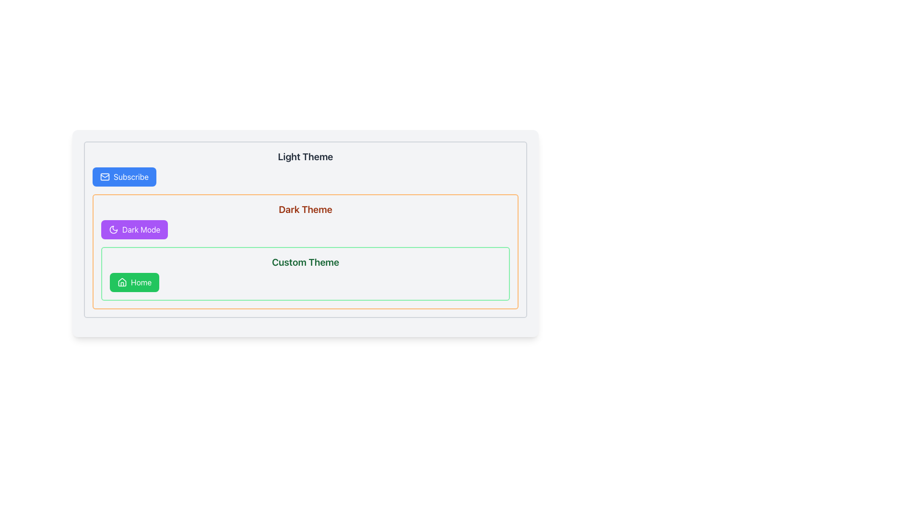  What do you see at coordinates (134, 282) in the screenshot?
I see `the green 'Home' button with rounded corners, featuring a house icon, located in the 'Custom Theme' section` at bounding box center [134, 282].